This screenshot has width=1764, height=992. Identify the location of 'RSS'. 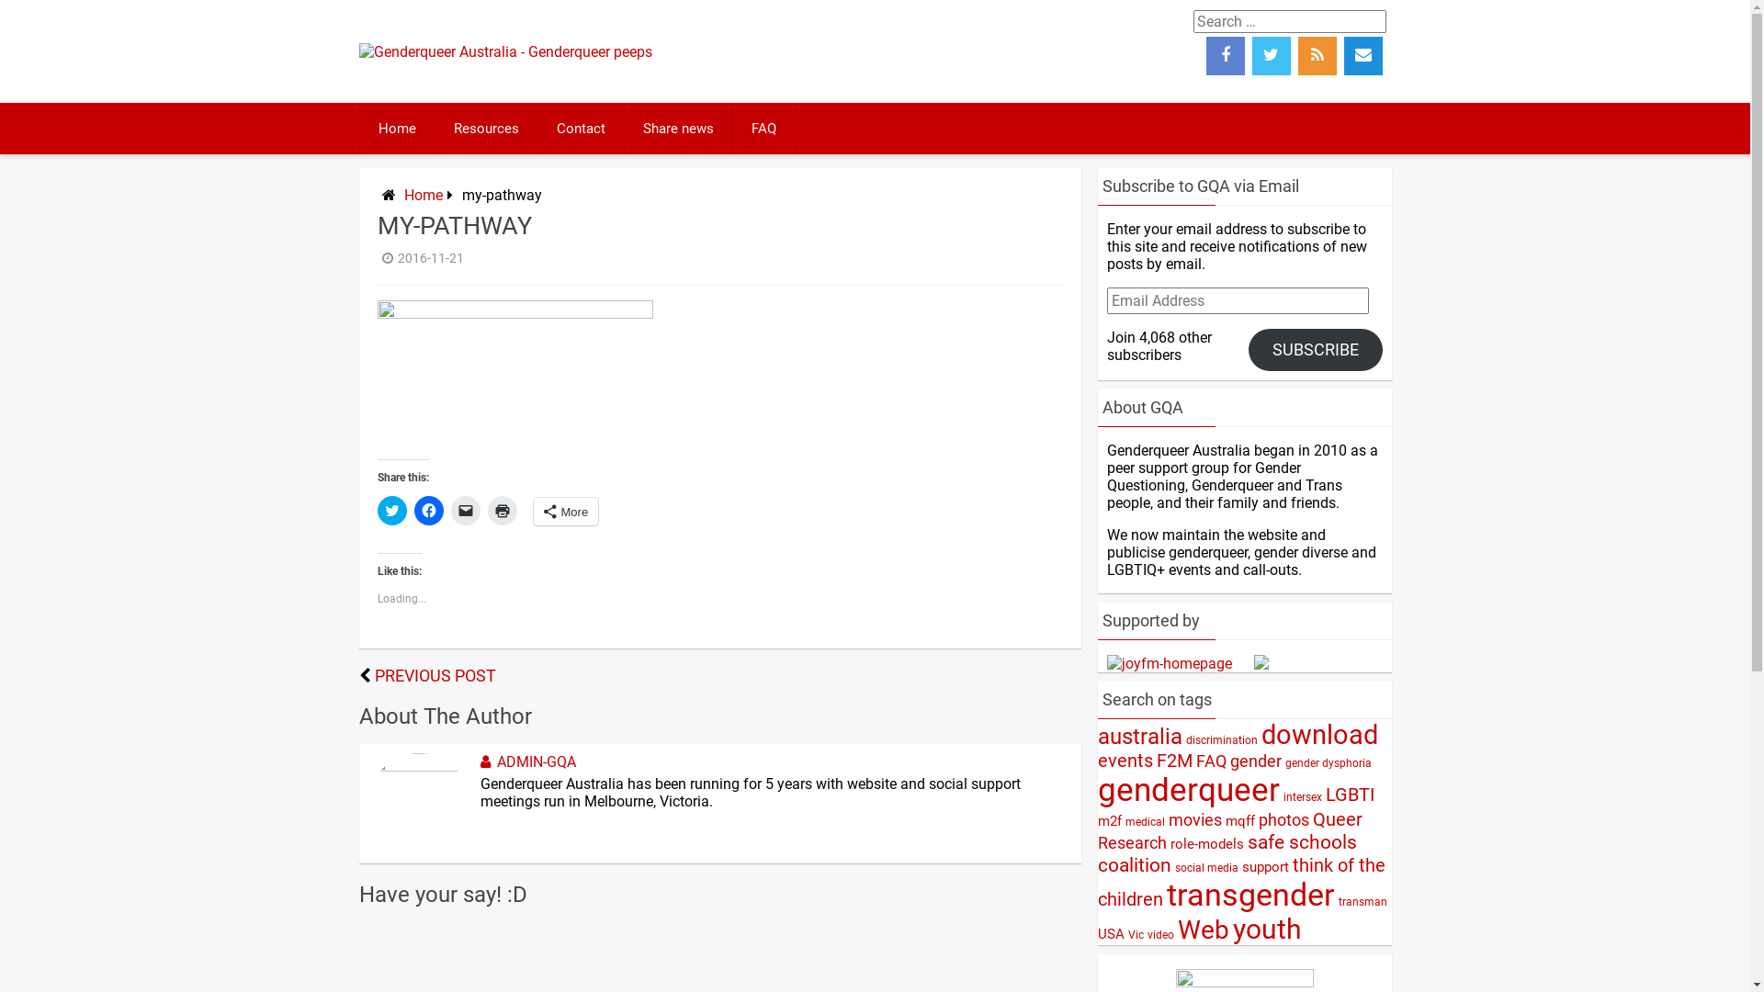
(1317, 55).